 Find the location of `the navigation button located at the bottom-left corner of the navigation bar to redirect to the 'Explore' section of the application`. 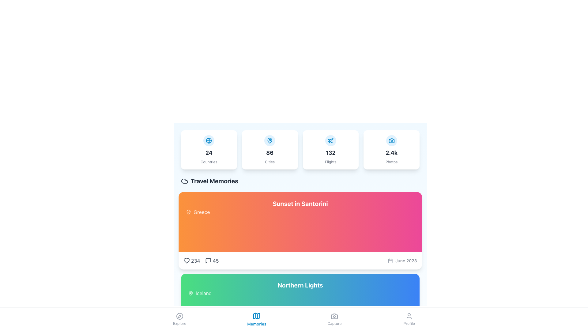

the navigation button located at the bottom-left corner of the navigation bar to redirect to the 'Explore' section of the application is located at coordinates (179, 319).